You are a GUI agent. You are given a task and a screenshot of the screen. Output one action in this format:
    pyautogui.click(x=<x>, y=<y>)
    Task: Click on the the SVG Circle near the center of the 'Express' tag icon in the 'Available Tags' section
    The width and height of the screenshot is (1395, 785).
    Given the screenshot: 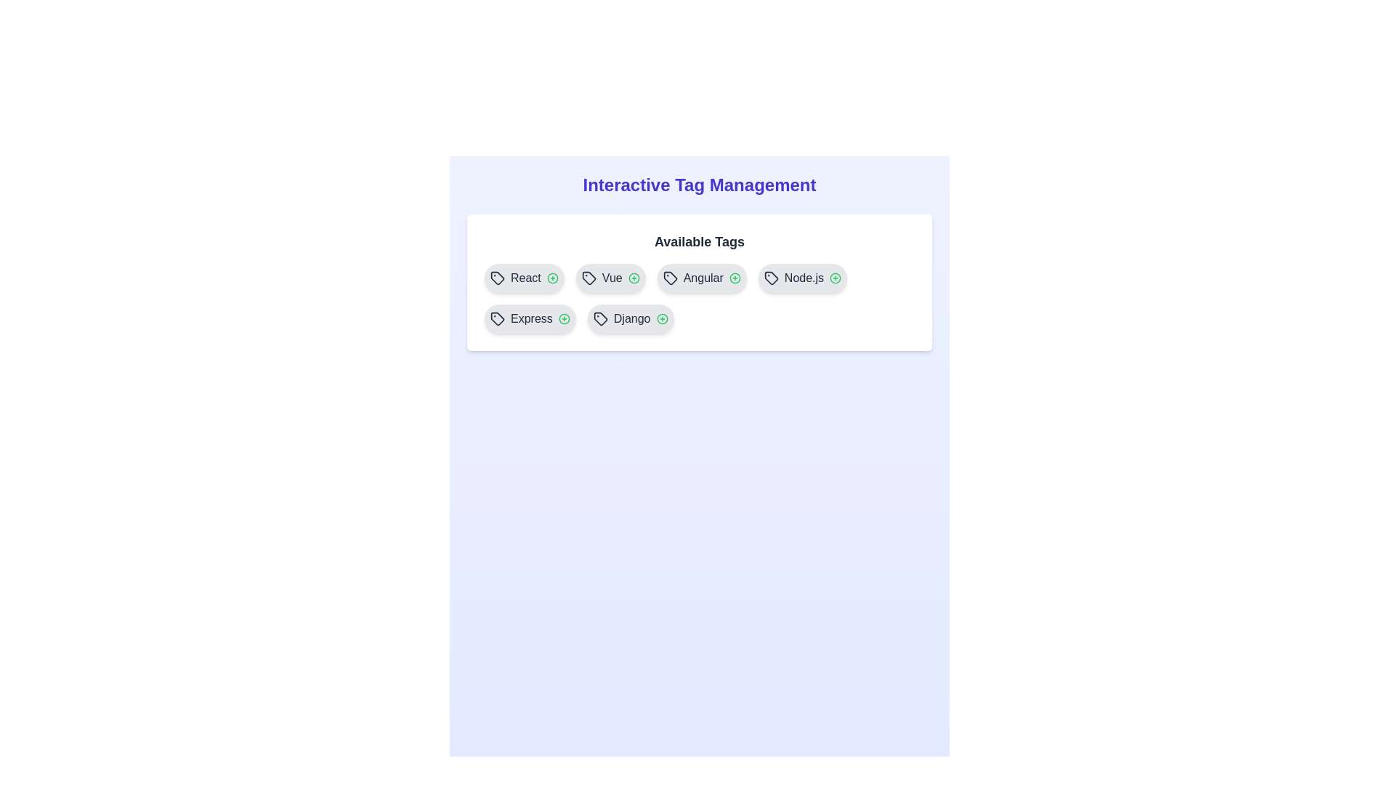 What is the action you would take?
    pyautogui.click(x=563, y=318)
    